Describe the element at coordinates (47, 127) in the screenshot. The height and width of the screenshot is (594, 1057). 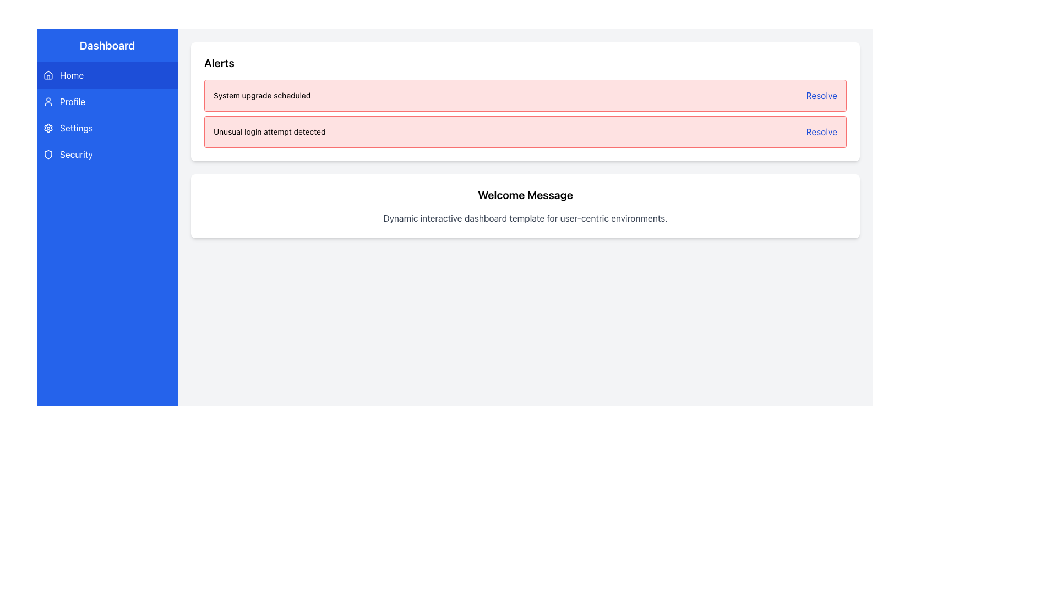
I see `the gear icon in the vertical navigation sidebar` at that location.